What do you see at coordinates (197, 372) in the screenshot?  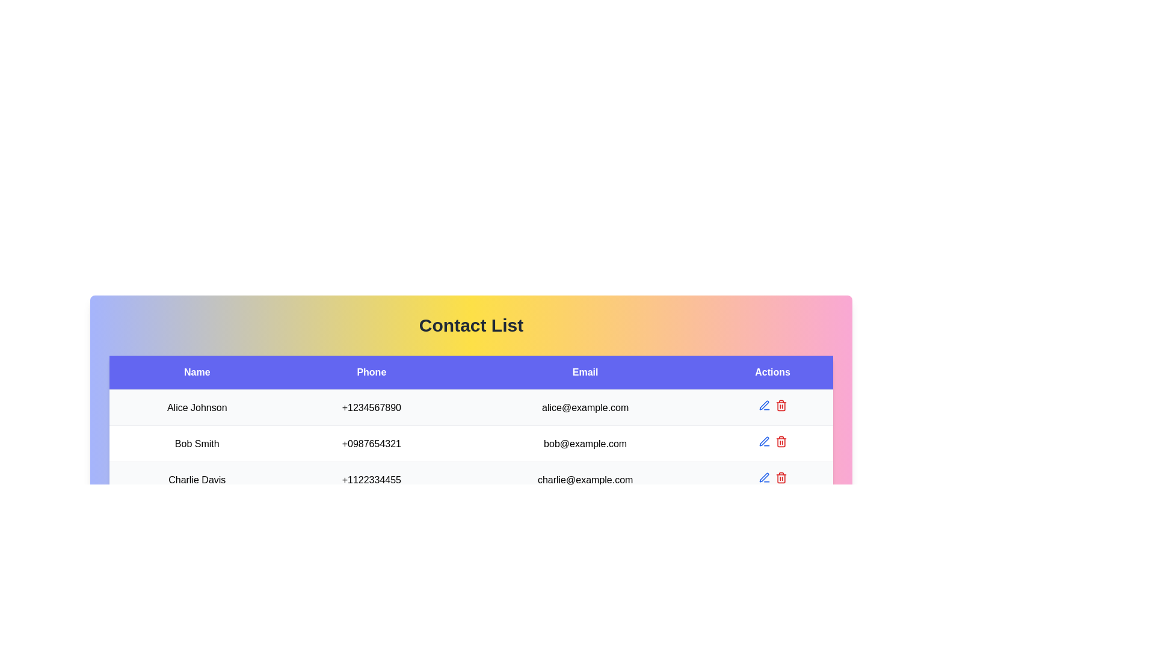 I see `the 'Name' column header in the table, which is the first item in the row of headers, indicating the associated data displayed below` at bounding box center [197, 372].